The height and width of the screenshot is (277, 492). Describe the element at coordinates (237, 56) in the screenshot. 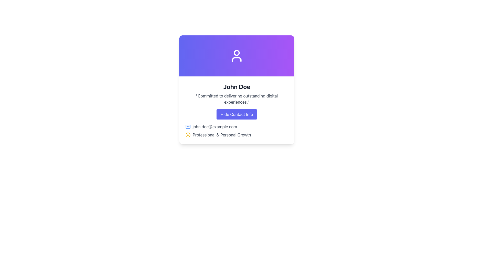

I see `the decorative element with a gradient background and a white user icon, located above the user's name 'John Doe'` at that location.